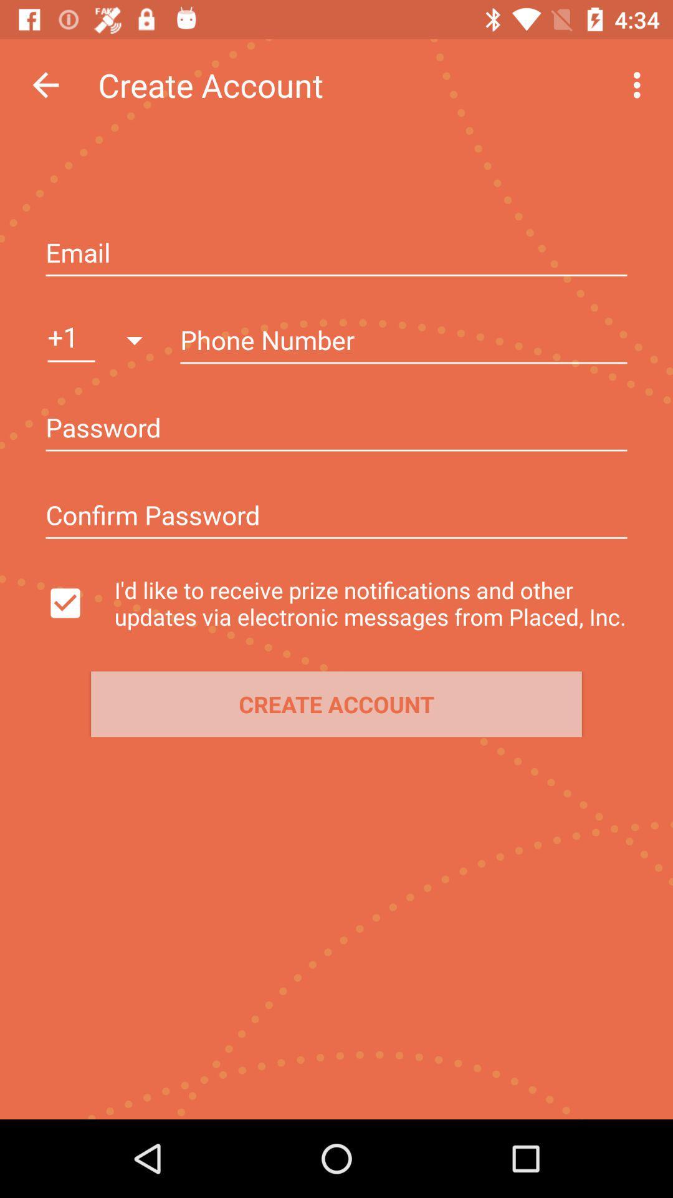 The image size is (673, 1198). I want to click on password field, so click(336, 429).